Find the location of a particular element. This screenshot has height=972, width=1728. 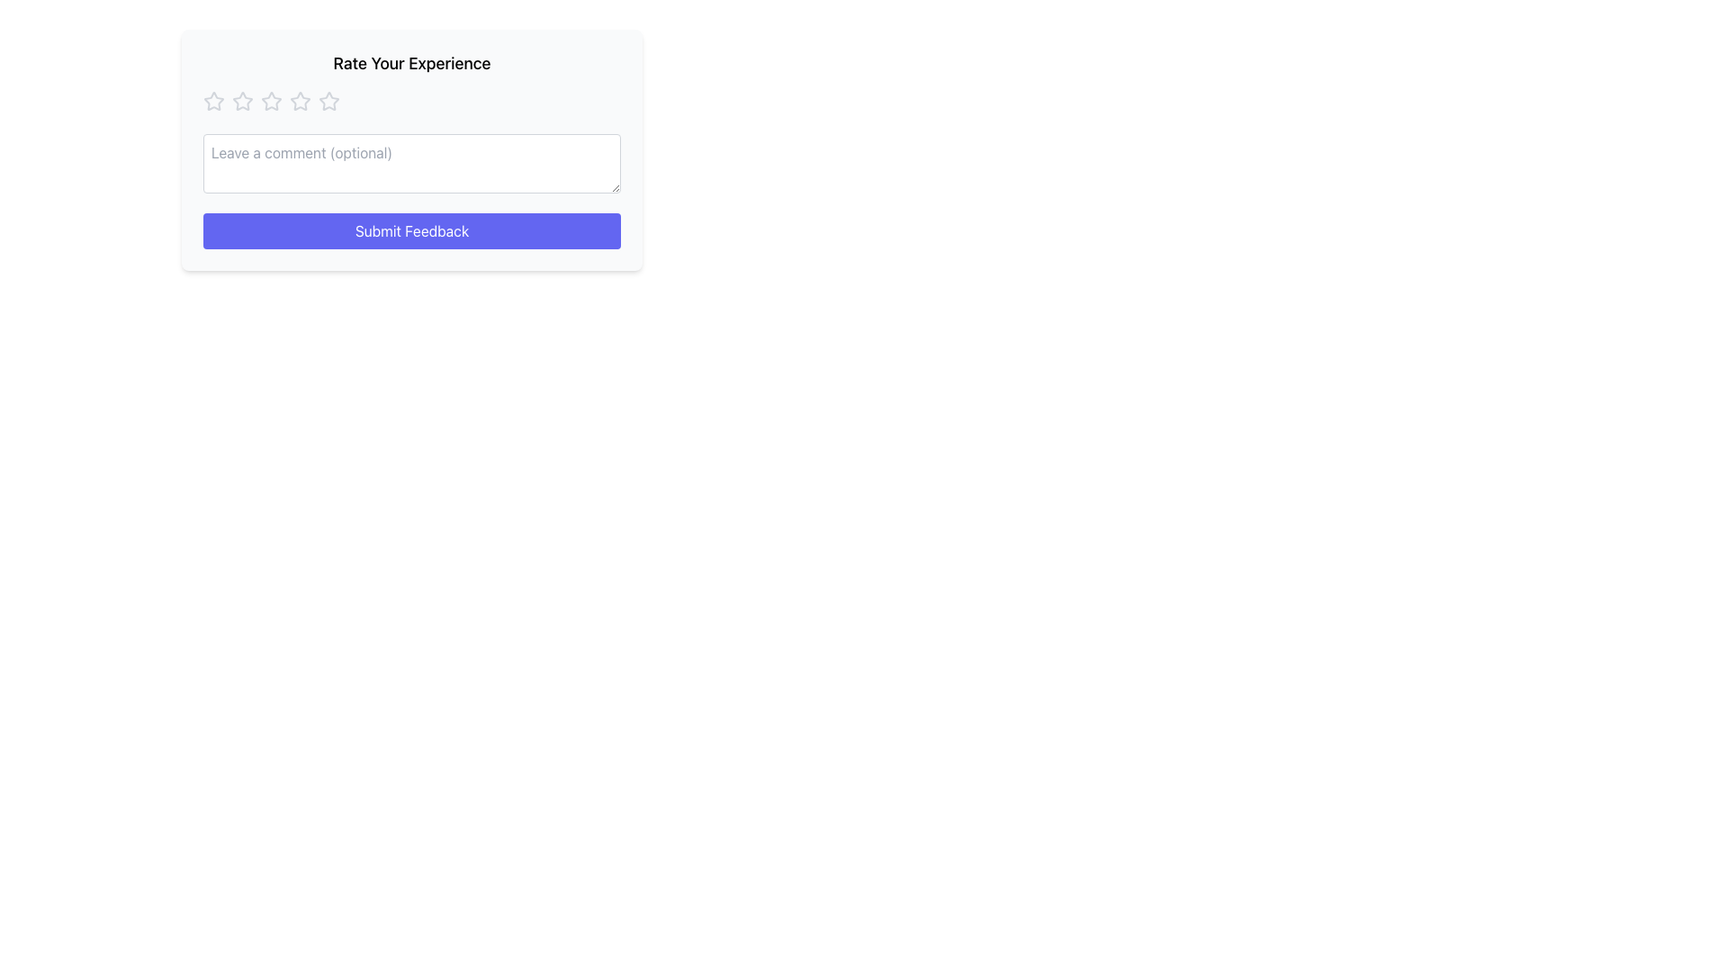

the second star icon in the horizontal array of rating stars is located at coordinates (271, 101).